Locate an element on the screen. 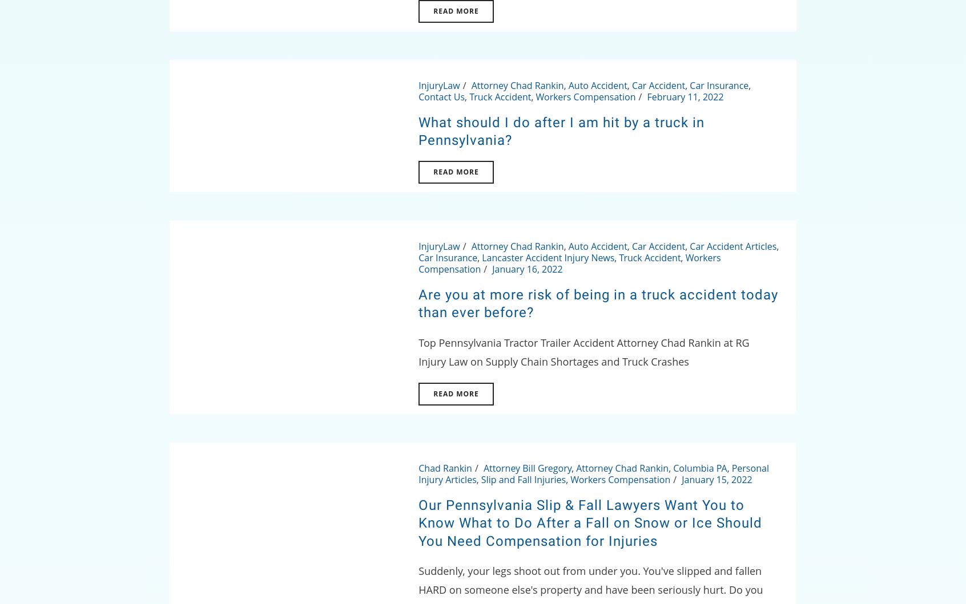 The width and height of the screenshot is (966, 604). 'February 11, 2022' is located at coordinates (684, 96).